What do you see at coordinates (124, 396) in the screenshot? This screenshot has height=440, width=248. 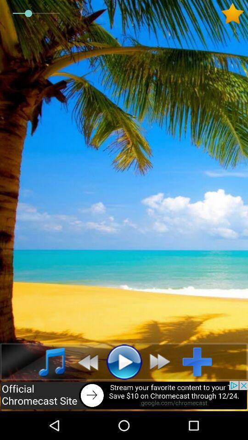 I see `open advertisements` at bounding box center [124, 396].